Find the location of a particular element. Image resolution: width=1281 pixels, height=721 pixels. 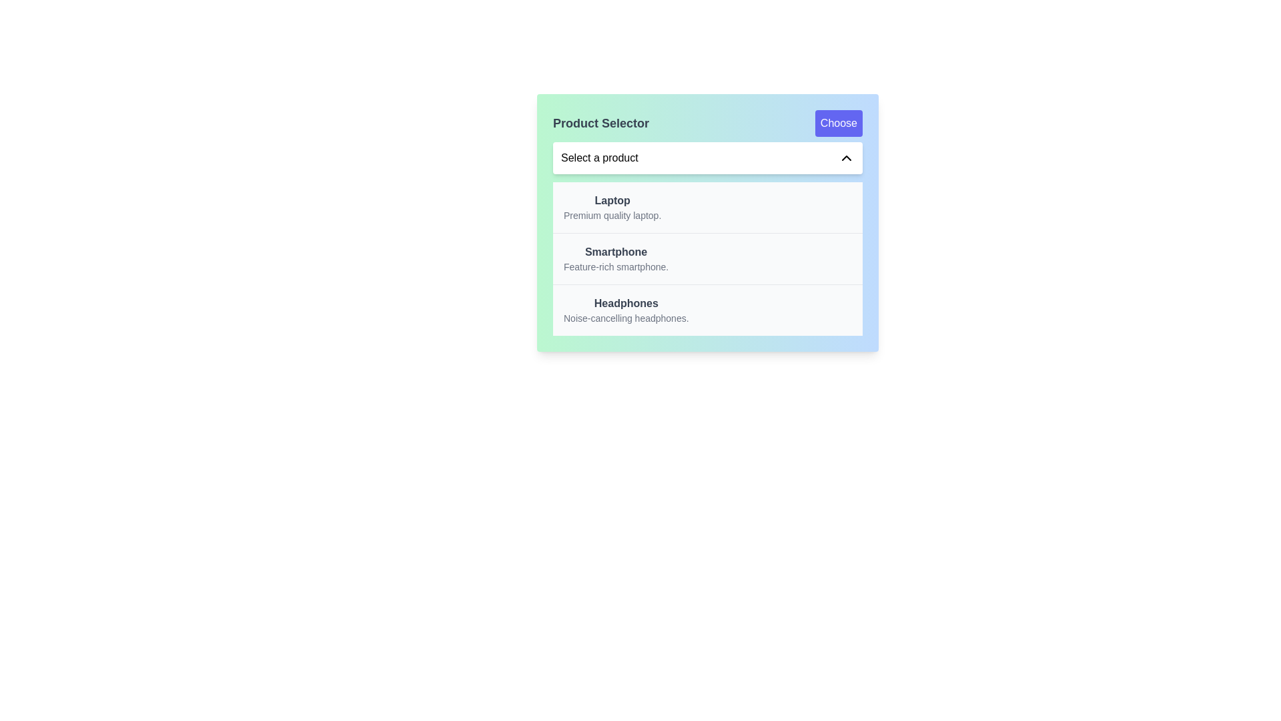

the dropdown menu trigger located below the 'Choose' button in the 'Product Selector' section is located at coordinates (707, 157).